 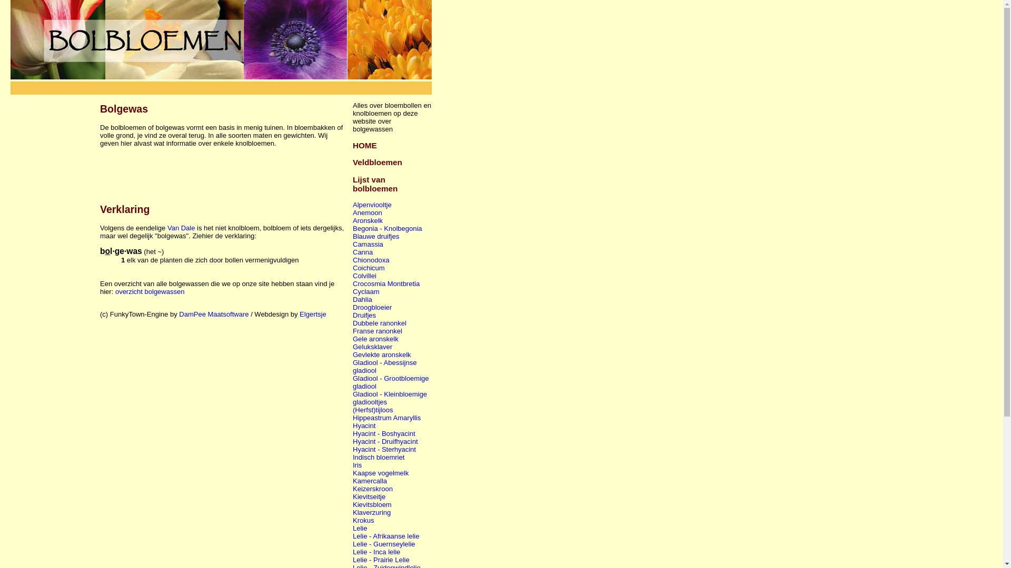 What do you see at coordinates (383, 433) in the screenshot?
I see `'Hyacint - Boshyacint'` at bounding box center [383, 433].